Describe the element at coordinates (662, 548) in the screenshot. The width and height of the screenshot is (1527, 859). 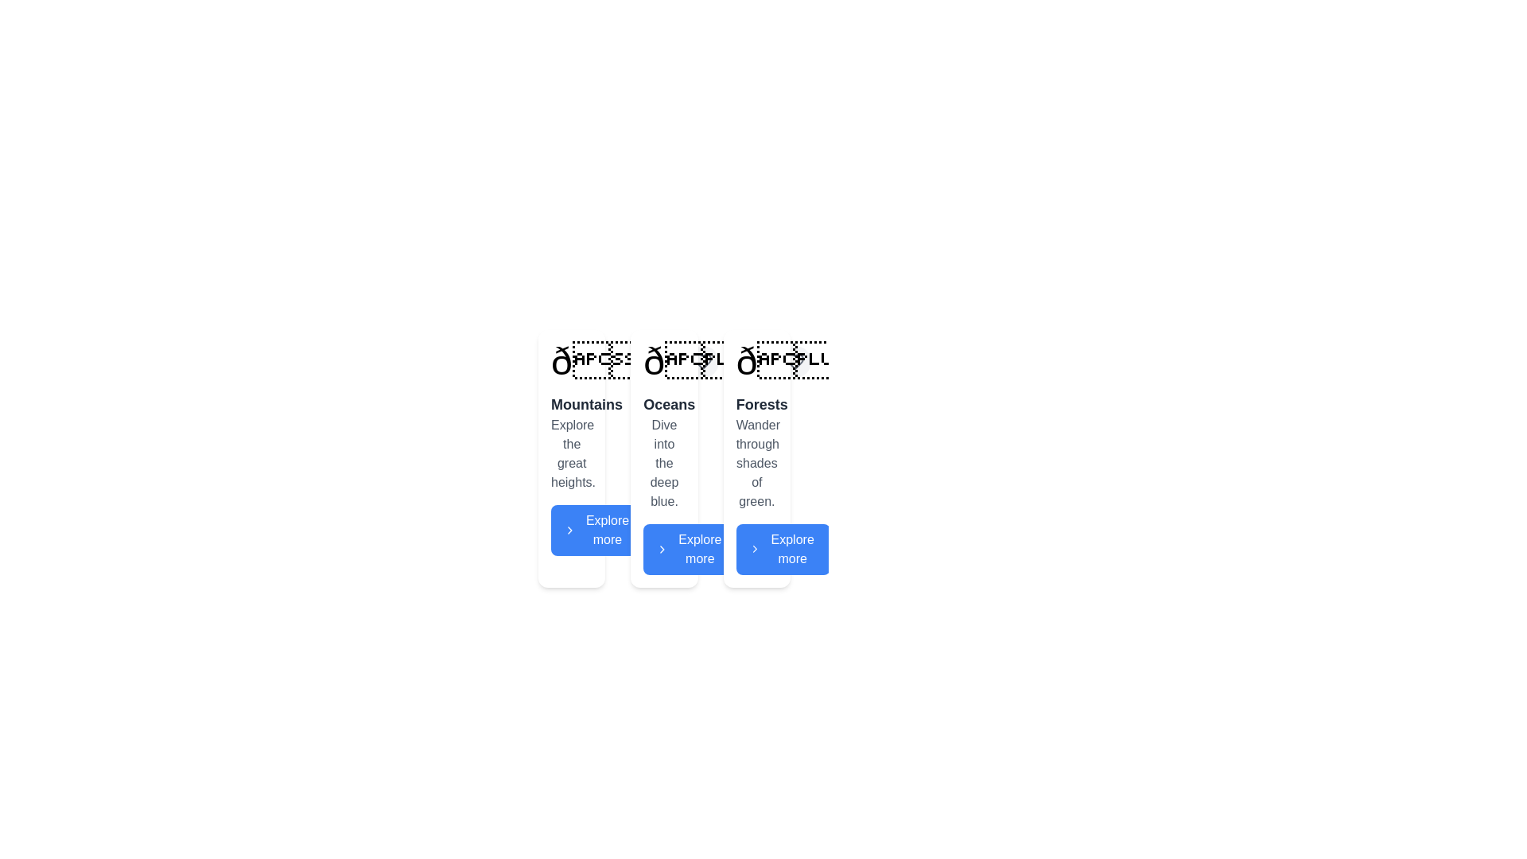
I see `the rightward-pointing chevron icon, which is styled with a thin stroke and rounded corners, located within the 'Explore more' button in the second column (Oceans) of the three displayed options` at that location.